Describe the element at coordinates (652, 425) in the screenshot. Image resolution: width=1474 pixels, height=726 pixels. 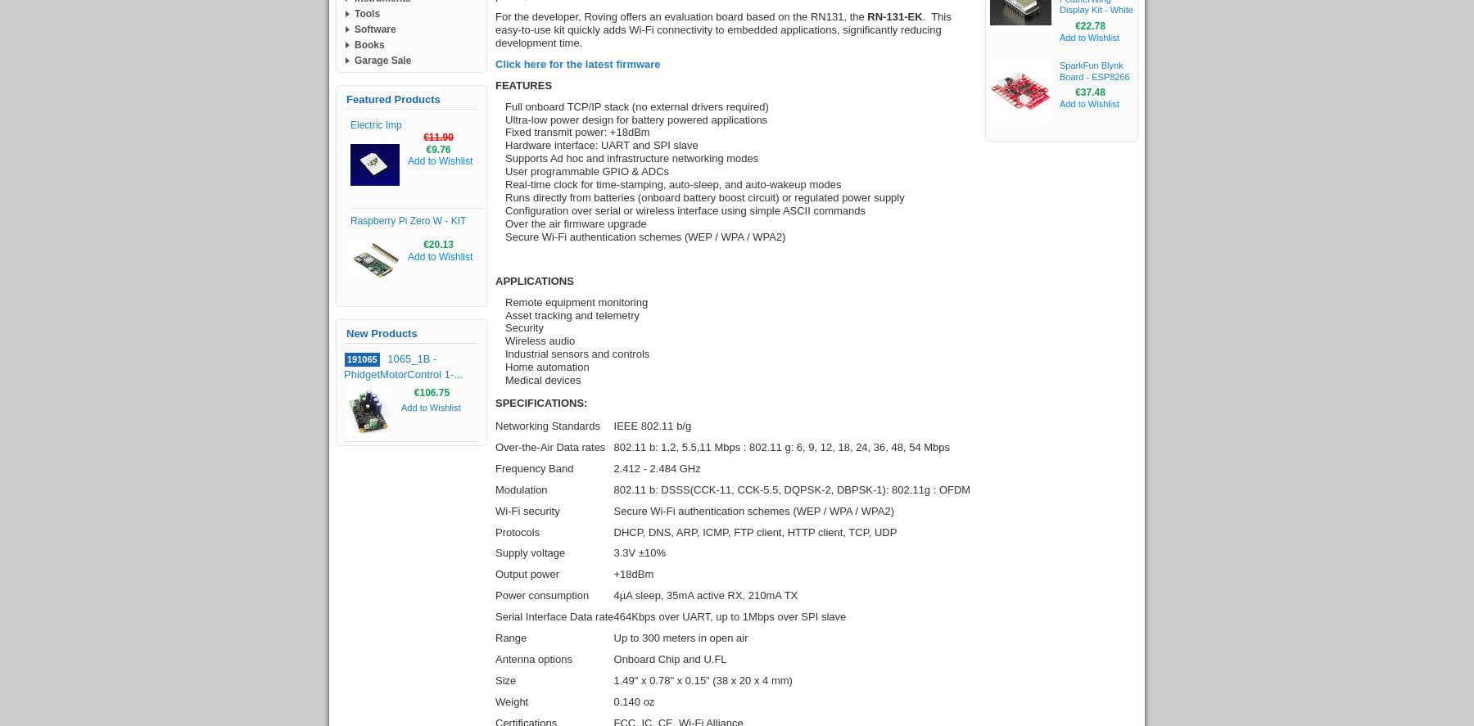
I see `'IEEE 802.11 b/g'` at that location.